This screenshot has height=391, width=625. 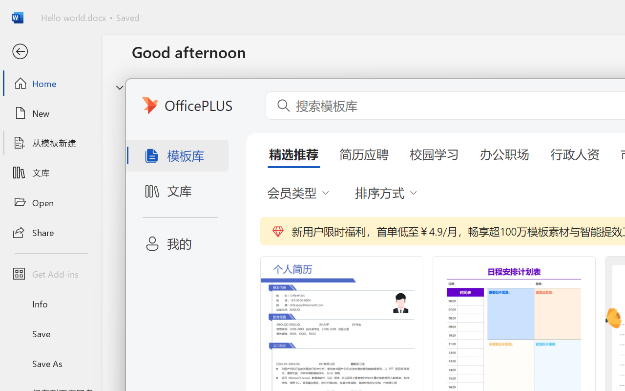 What do you see at coordinates (50, 274) in the screenshot?
I see `'Get Add-ins'` at bounding box center [50, 274].